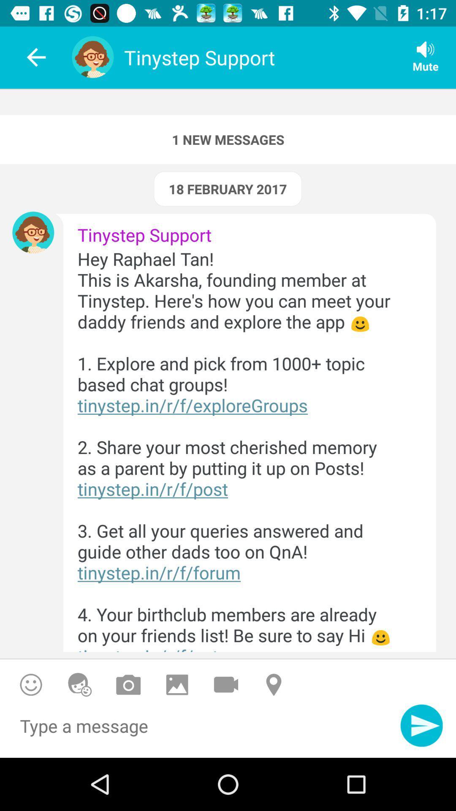 Image resolution: width=456 pixels, height=811 pixels. I want to click on the emoji icon, so click(80, 685).